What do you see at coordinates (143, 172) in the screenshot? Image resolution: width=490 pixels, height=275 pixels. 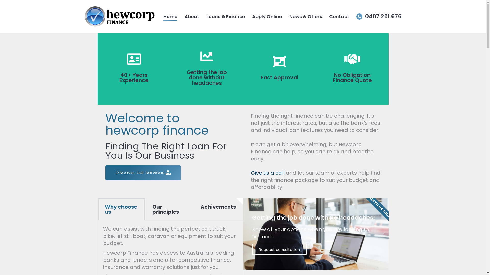 I see `'Discover our services'` at bounding box center [143, 172].